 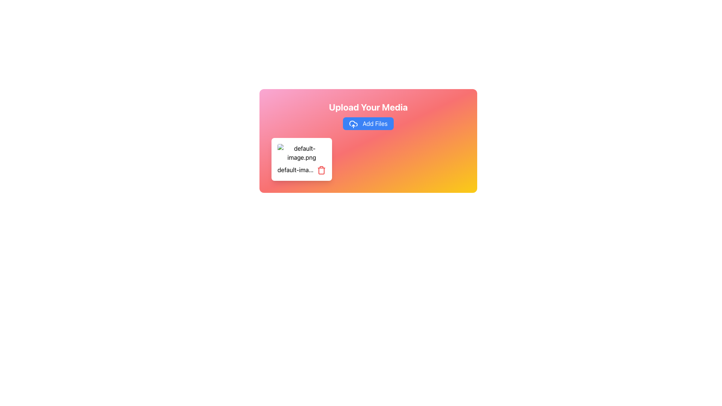 I want to click on the blue button labeled 'Add Files' which contains the cloud icon with an upward arrow on its left side, so click(x=353, y=124).